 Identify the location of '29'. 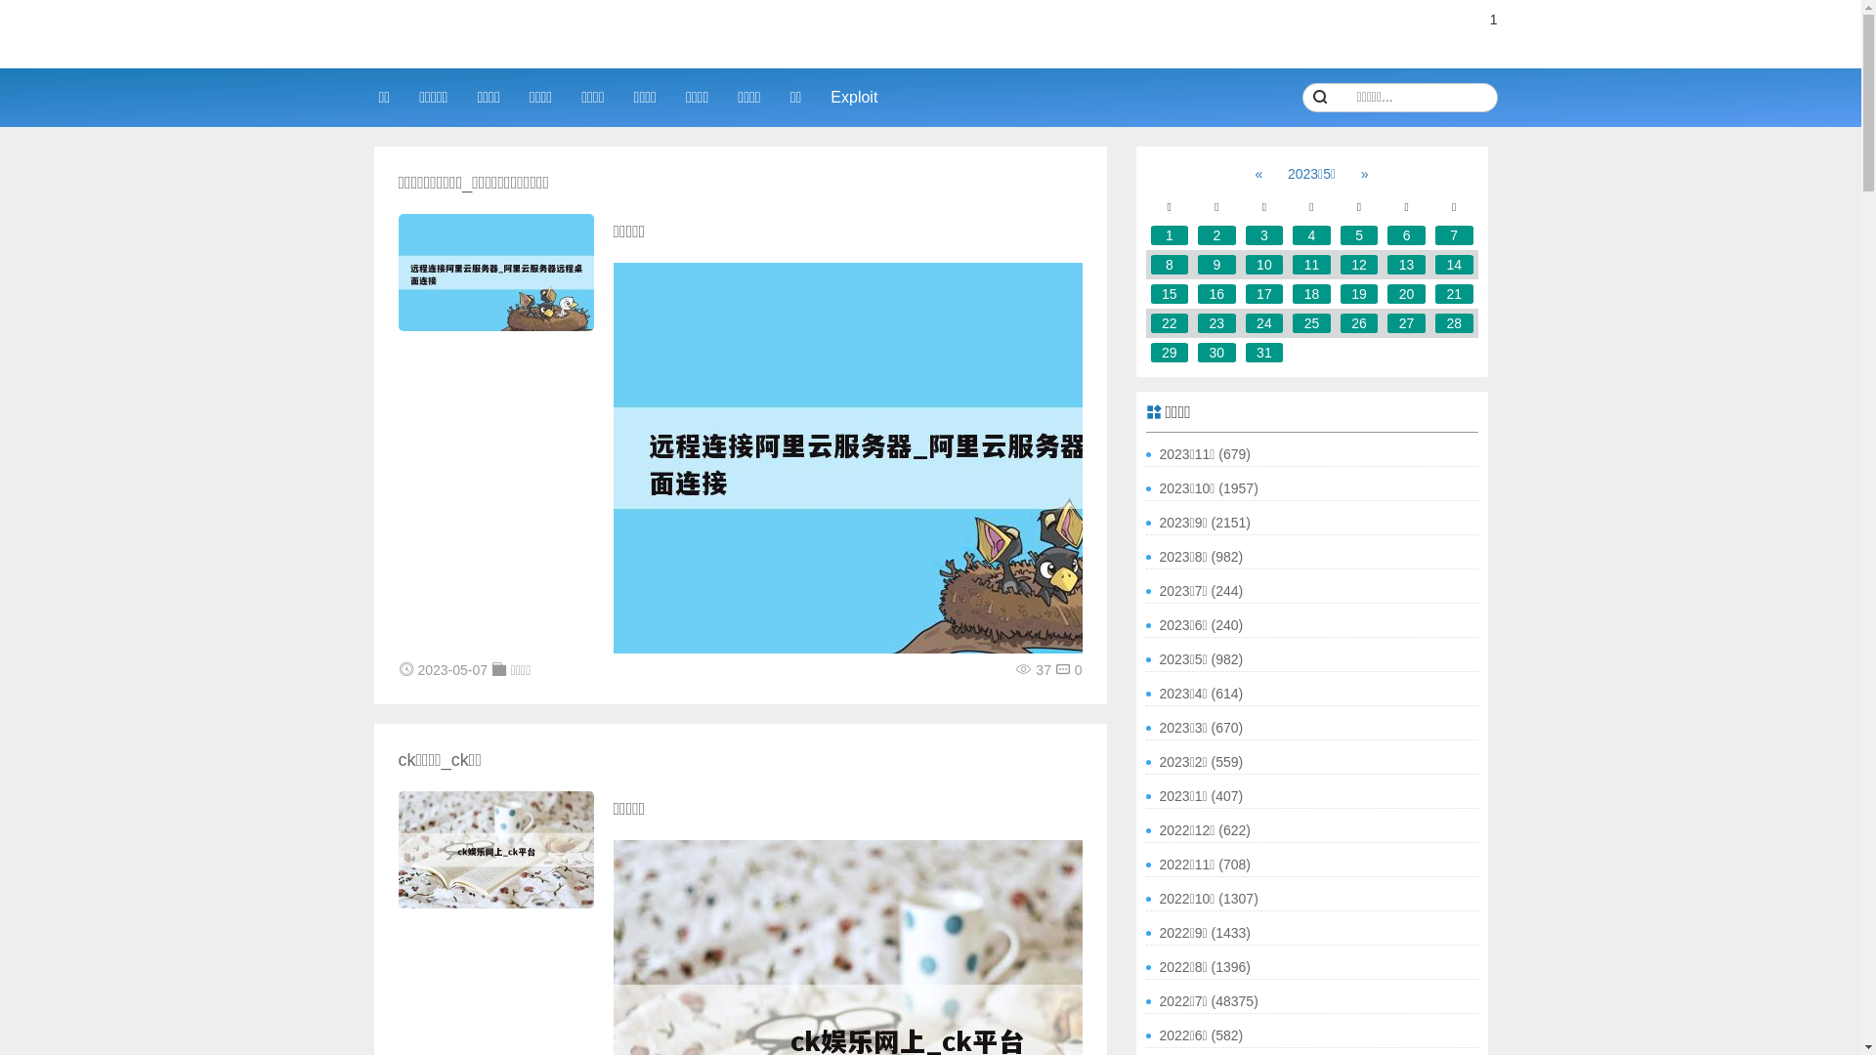
(1170, 353).